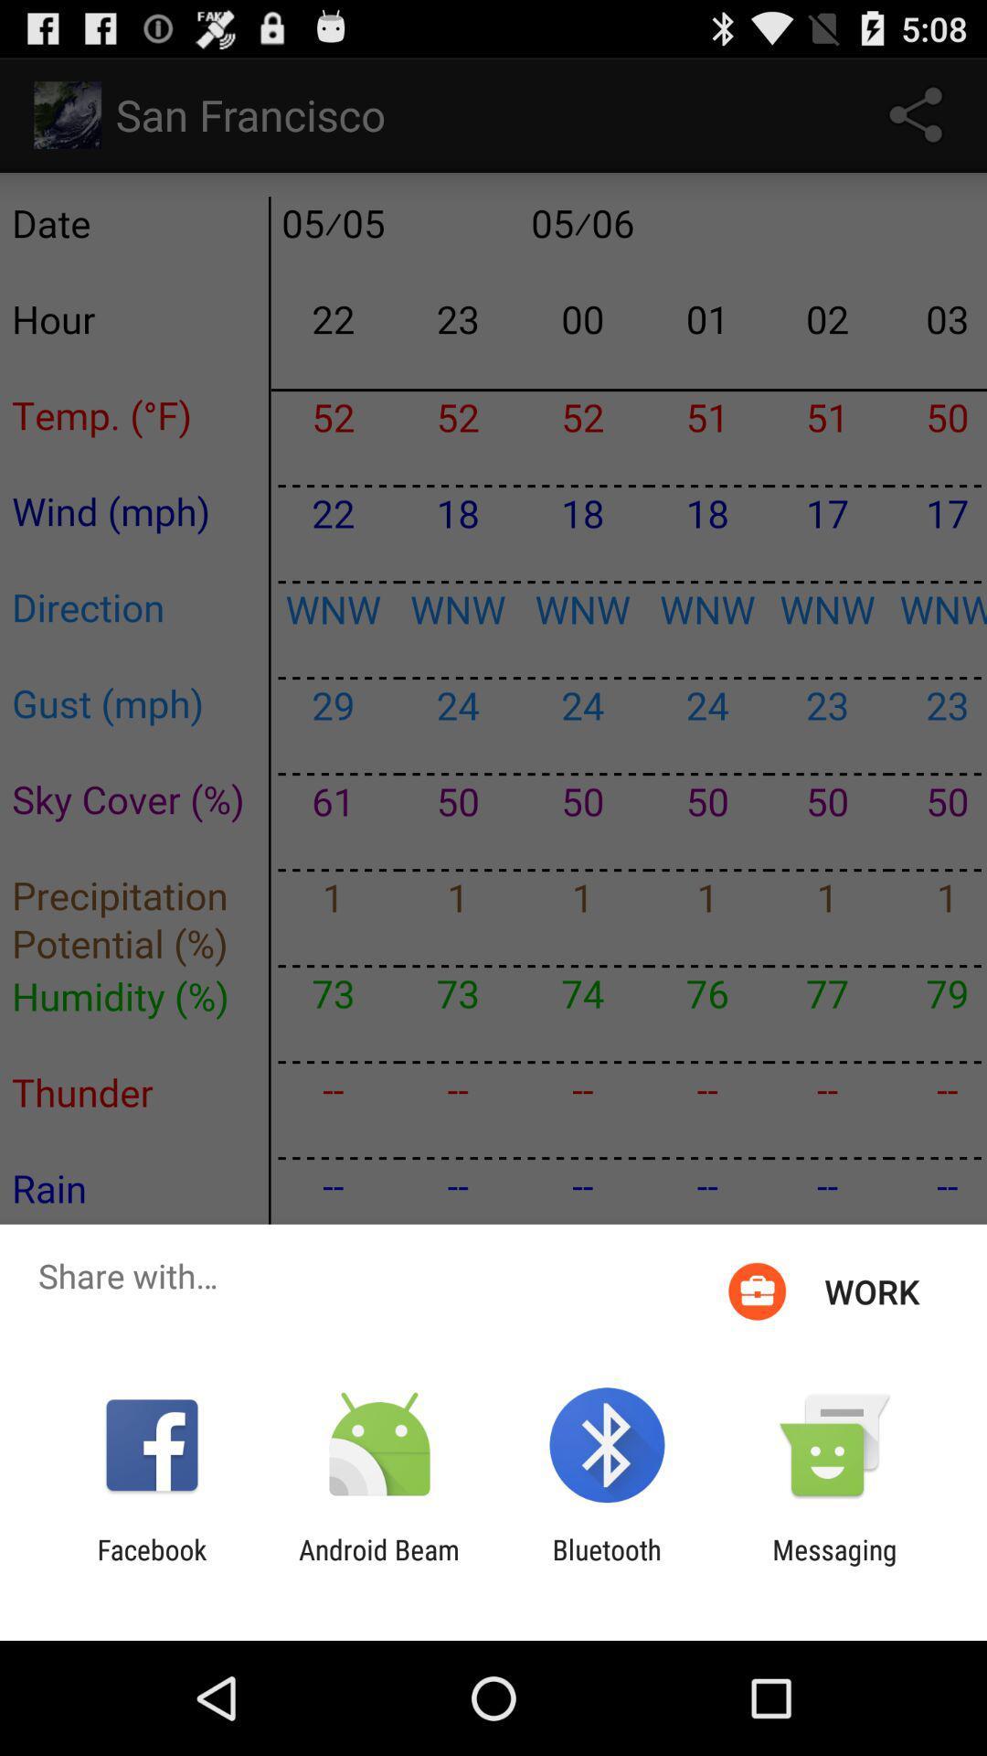 The width and height of the screenshot is (987, 1756). Describe the element at coordinates (378, 1565) in the screenshot. I see `the item next to facebook item` at that location.